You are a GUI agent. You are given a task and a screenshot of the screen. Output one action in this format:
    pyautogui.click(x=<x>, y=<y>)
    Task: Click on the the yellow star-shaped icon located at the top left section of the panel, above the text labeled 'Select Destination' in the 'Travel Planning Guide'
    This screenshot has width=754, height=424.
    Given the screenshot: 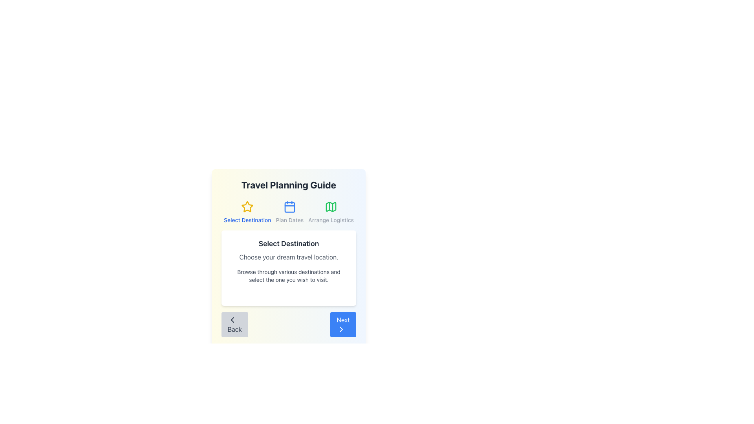 What is the action you would take?
    pyautogui.click(x=247, y=206)
    